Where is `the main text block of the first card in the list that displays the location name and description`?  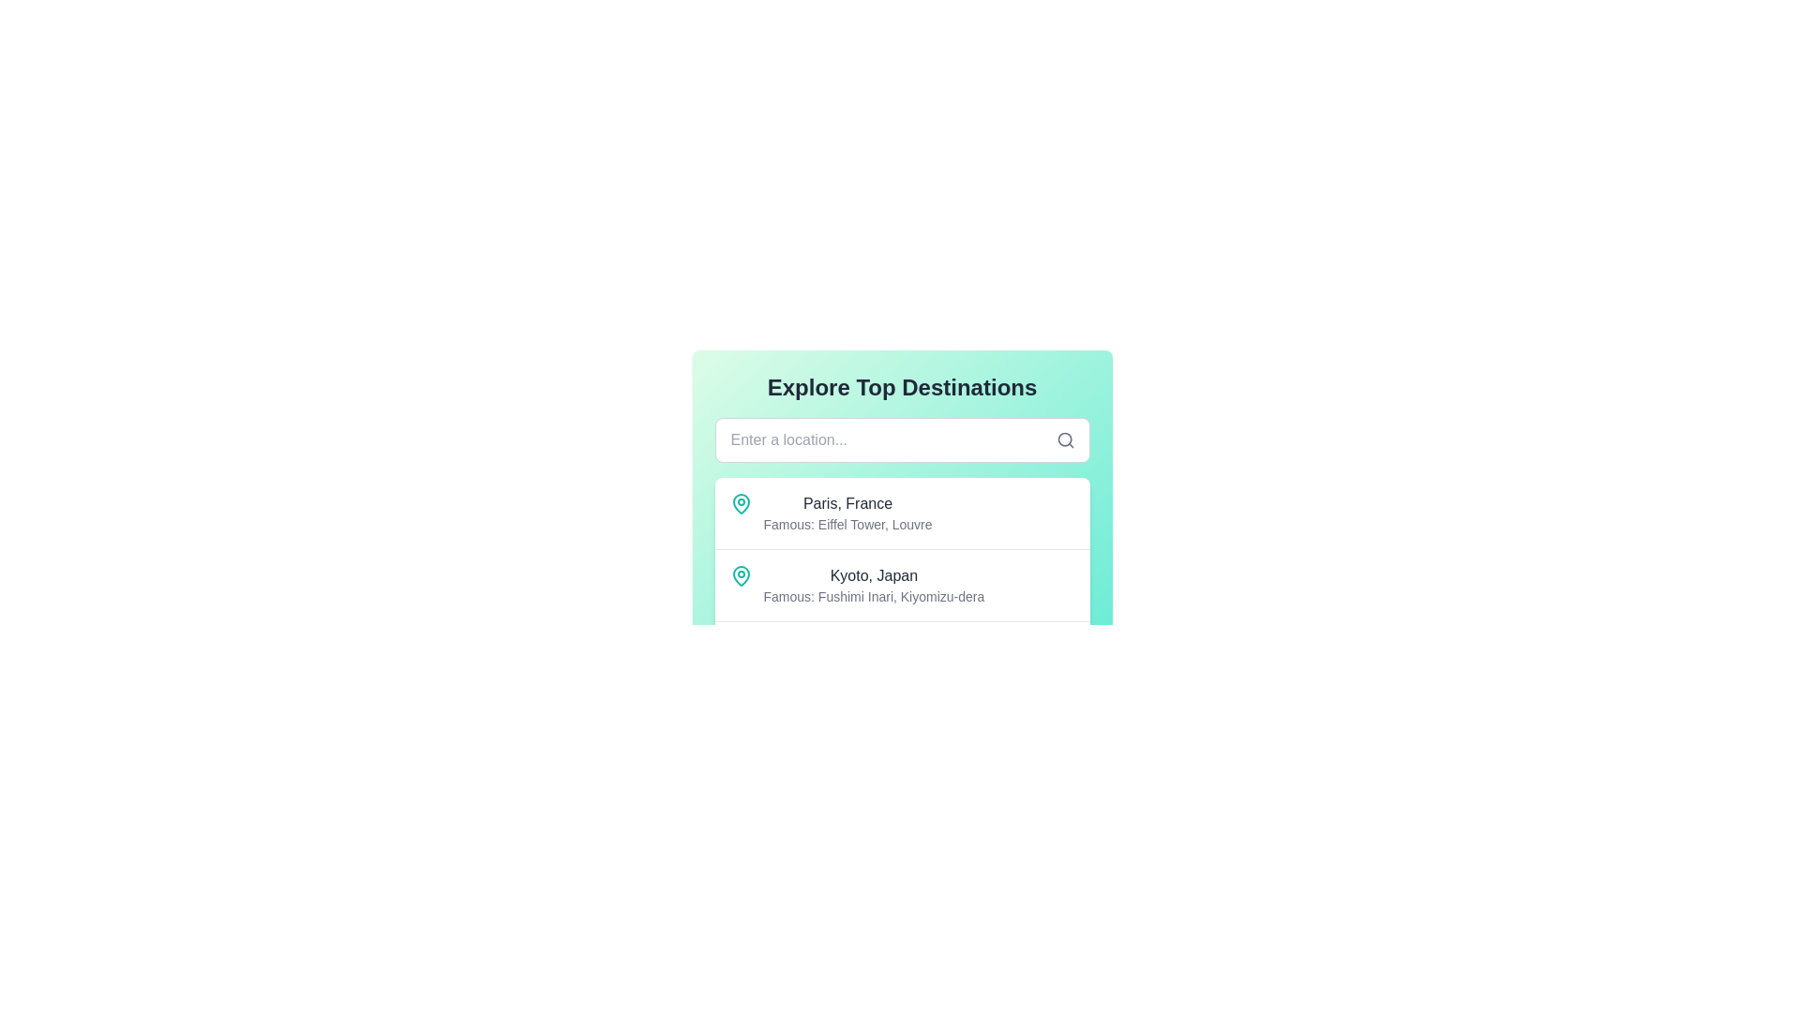 the main text block of the first card in the list that displays the location name and description is located at coordinates (847, 513).